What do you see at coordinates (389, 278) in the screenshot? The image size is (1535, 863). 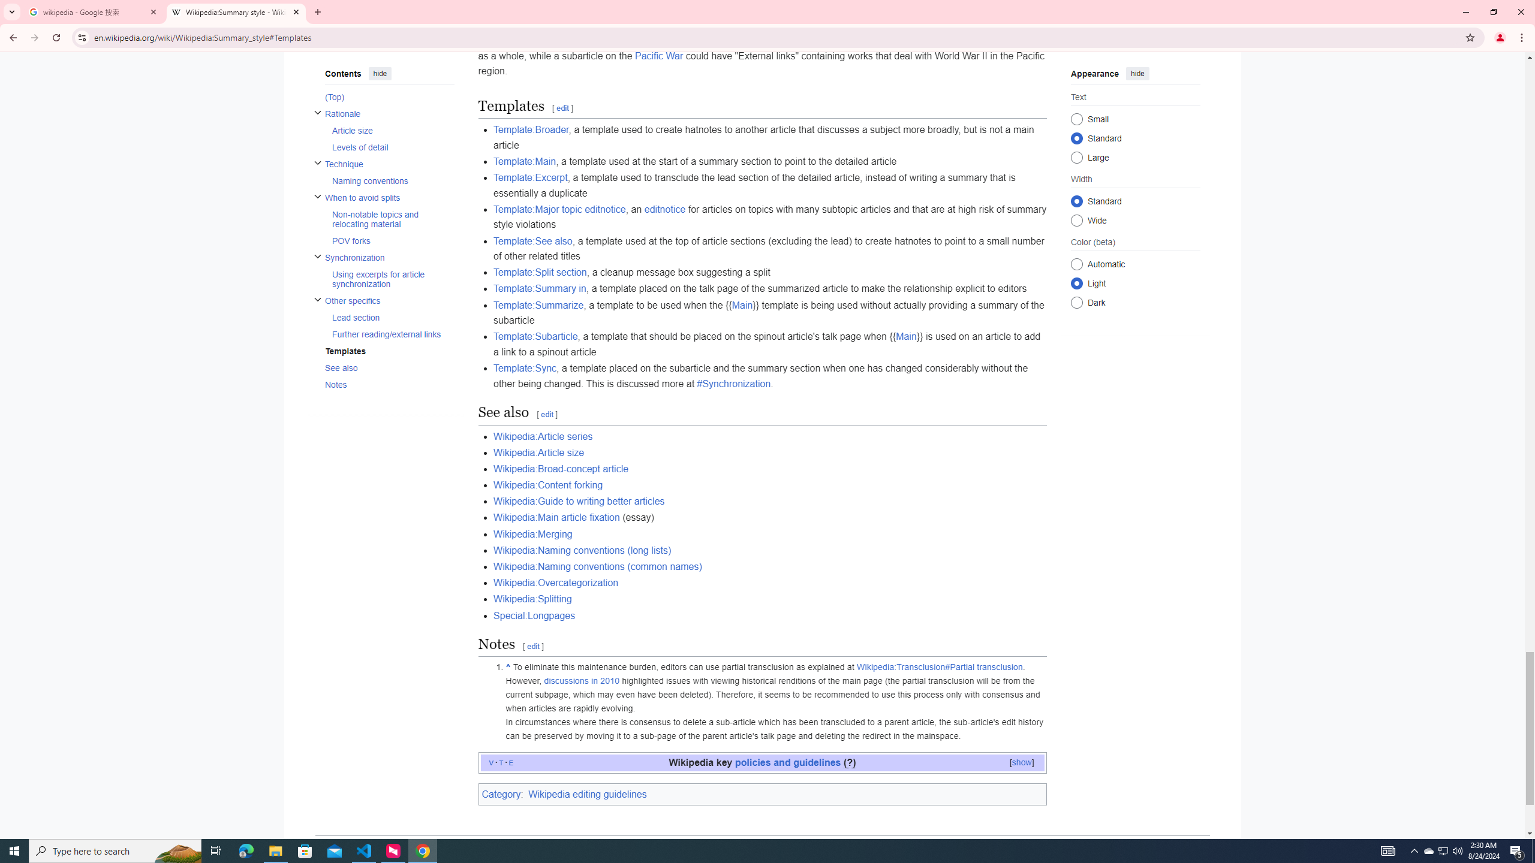 I see `'AutomationID: toc-Using_excerpts_for_article_synchronization'` at bounding box center [389, 278].